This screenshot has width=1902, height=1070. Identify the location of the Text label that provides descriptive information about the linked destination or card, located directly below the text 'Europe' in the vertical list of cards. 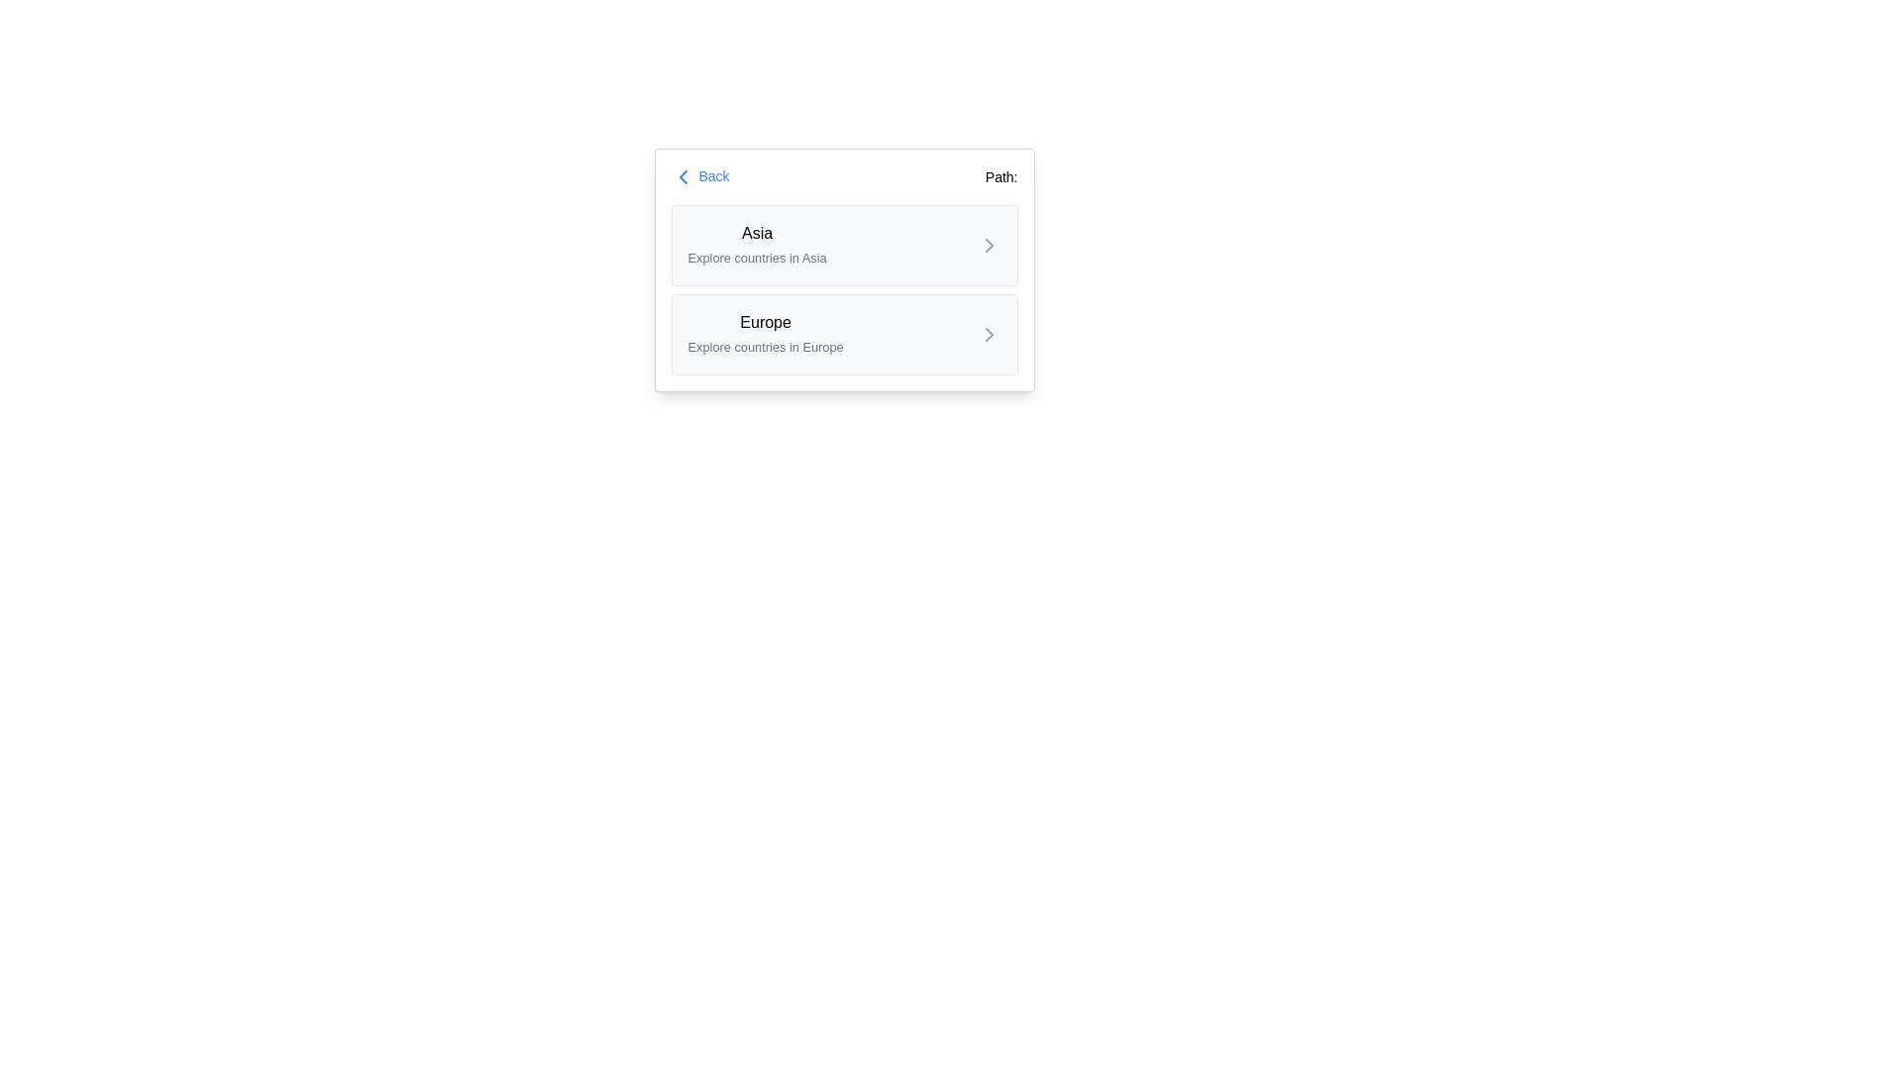
(765, 346).